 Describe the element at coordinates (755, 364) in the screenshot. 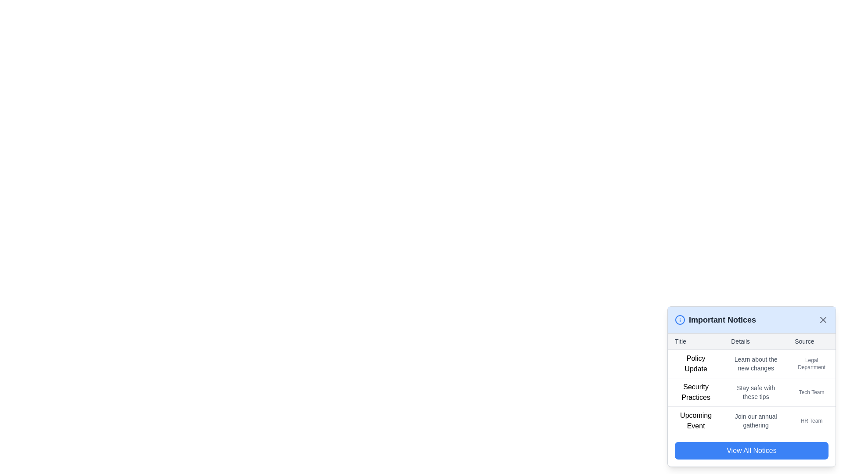

I see `the static text element displaying 'Learn about the new changes', which is located in the second column of the first row of the 'Important Notices' table` at that location.